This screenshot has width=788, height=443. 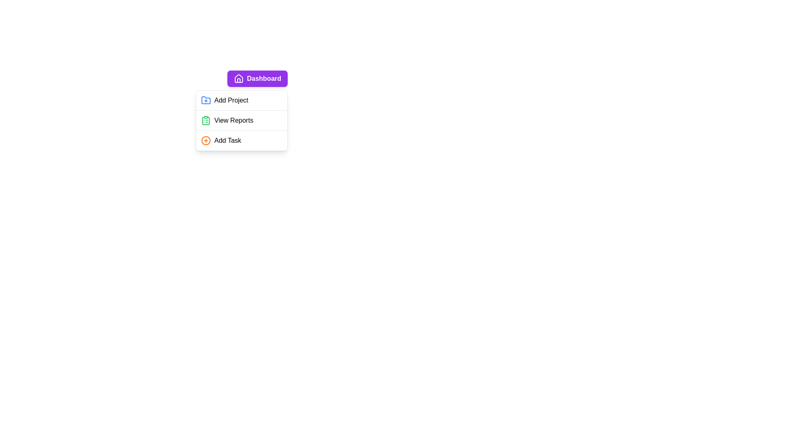 What do you see at coordinates (241, 121) in the screenshot?
I see `the 'View Reports' menu item` at bounding box center [241, 121].